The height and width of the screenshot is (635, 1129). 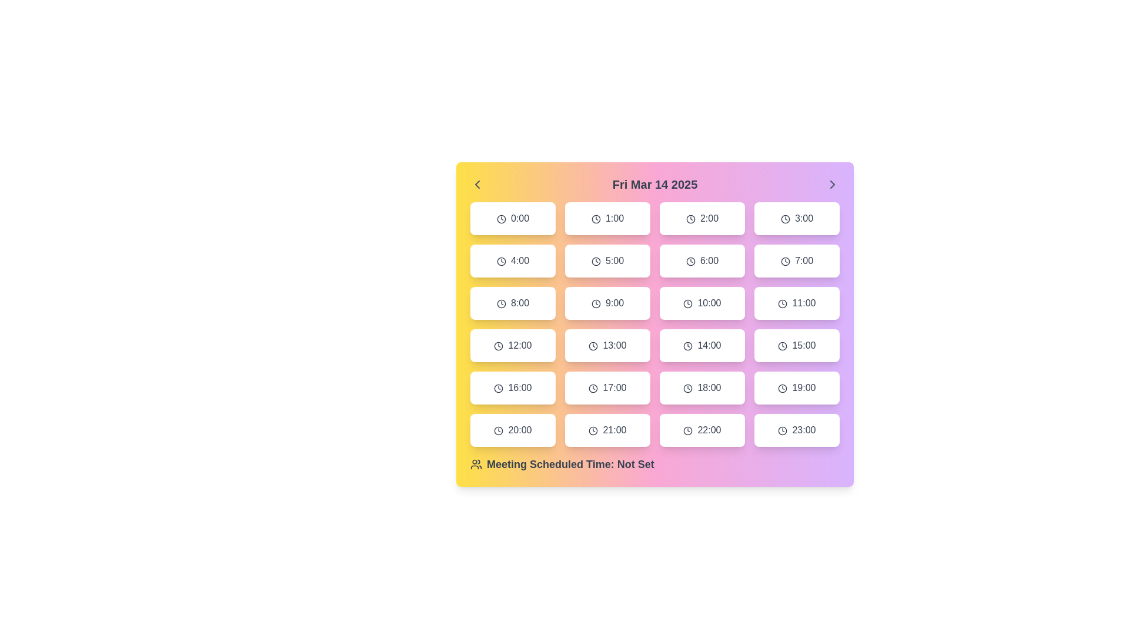 I want to click on text element displaying 'Meeting Scheduled Time: Not Set' which is located at the bottom center of the interface, so click(x=570, y=464).